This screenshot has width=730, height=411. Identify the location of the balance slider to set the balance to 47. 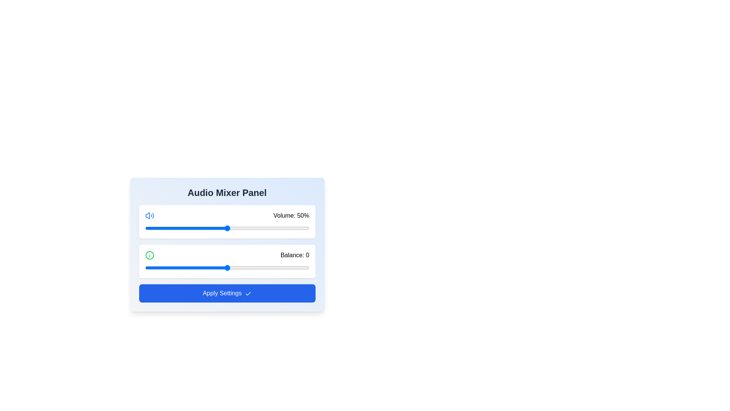
(304, 268).